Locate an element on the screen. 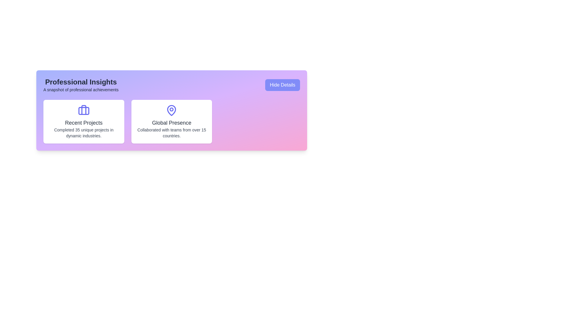 The width and height of the screenshot is (567, 319). displayed information from the card-style component titled 'Recent Projects', which includes details about completing 35 unique projects in dynamic industries is located at coordinates (83, 121).